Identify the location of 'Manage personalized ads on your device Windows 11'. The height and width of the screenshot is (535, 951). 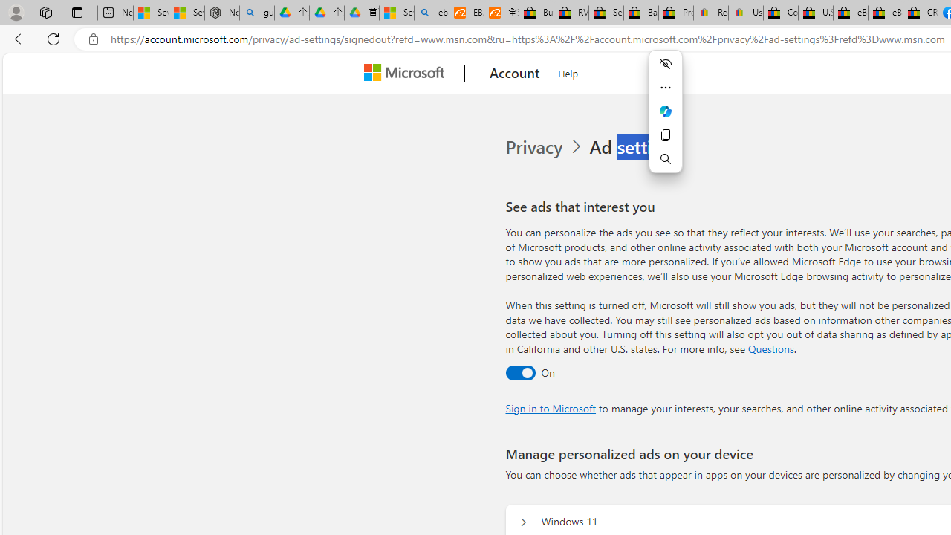
(523, 522).